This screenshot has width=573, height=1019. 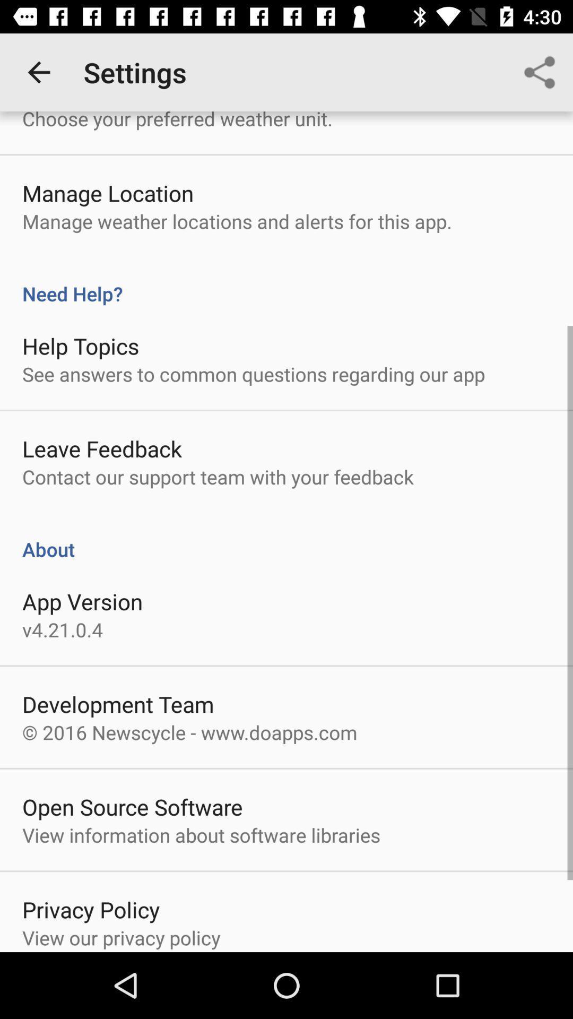 I want to click on the icon above the choose your preferred, so click(x=38, y=72).